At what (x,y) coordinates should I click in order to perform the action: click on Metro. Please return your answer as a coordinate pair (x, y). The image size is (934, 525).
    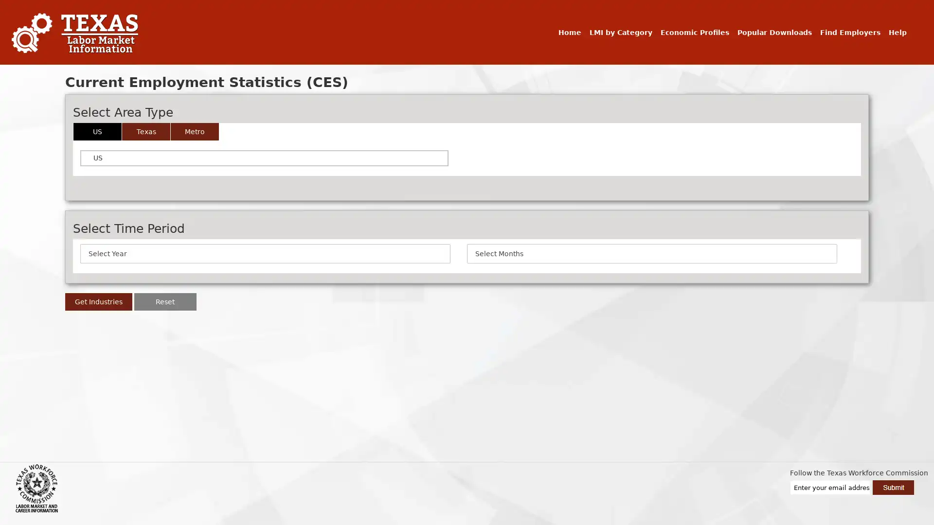
    Looking at the image, I should click on (194, 131).